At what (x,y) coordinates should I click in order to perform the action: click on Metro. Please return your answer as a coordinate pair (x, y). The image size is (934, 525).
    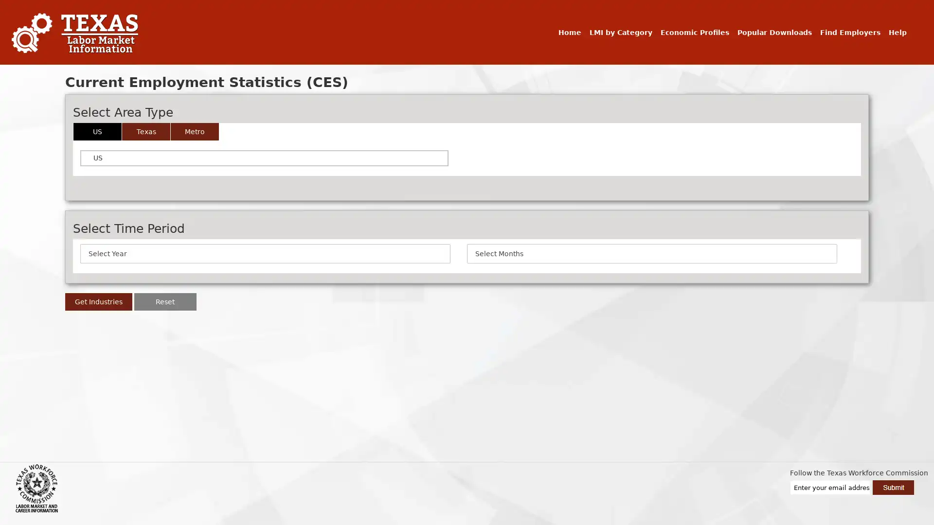
    Looking at the image, I should click on (194, 131).